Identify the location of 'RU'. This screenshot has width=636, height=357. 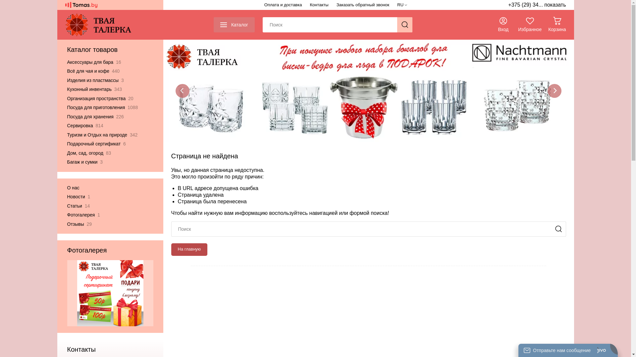
(397, 5).